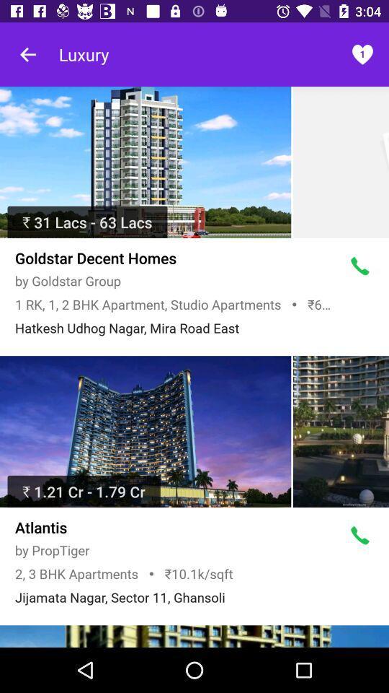  Describe the element at coordinates (28, 54) in the screenshot. I see `previous` at that location.